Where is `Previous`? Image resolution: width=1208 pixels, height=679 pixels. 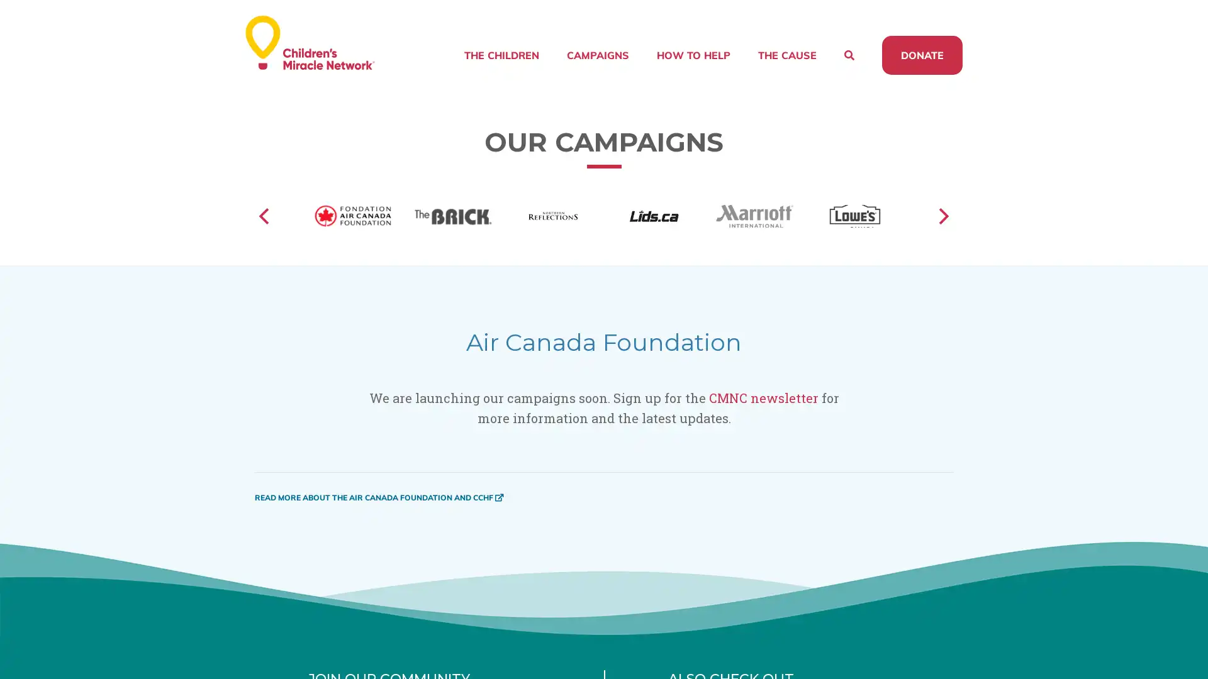 Previous is located at coordinates (265, 232).